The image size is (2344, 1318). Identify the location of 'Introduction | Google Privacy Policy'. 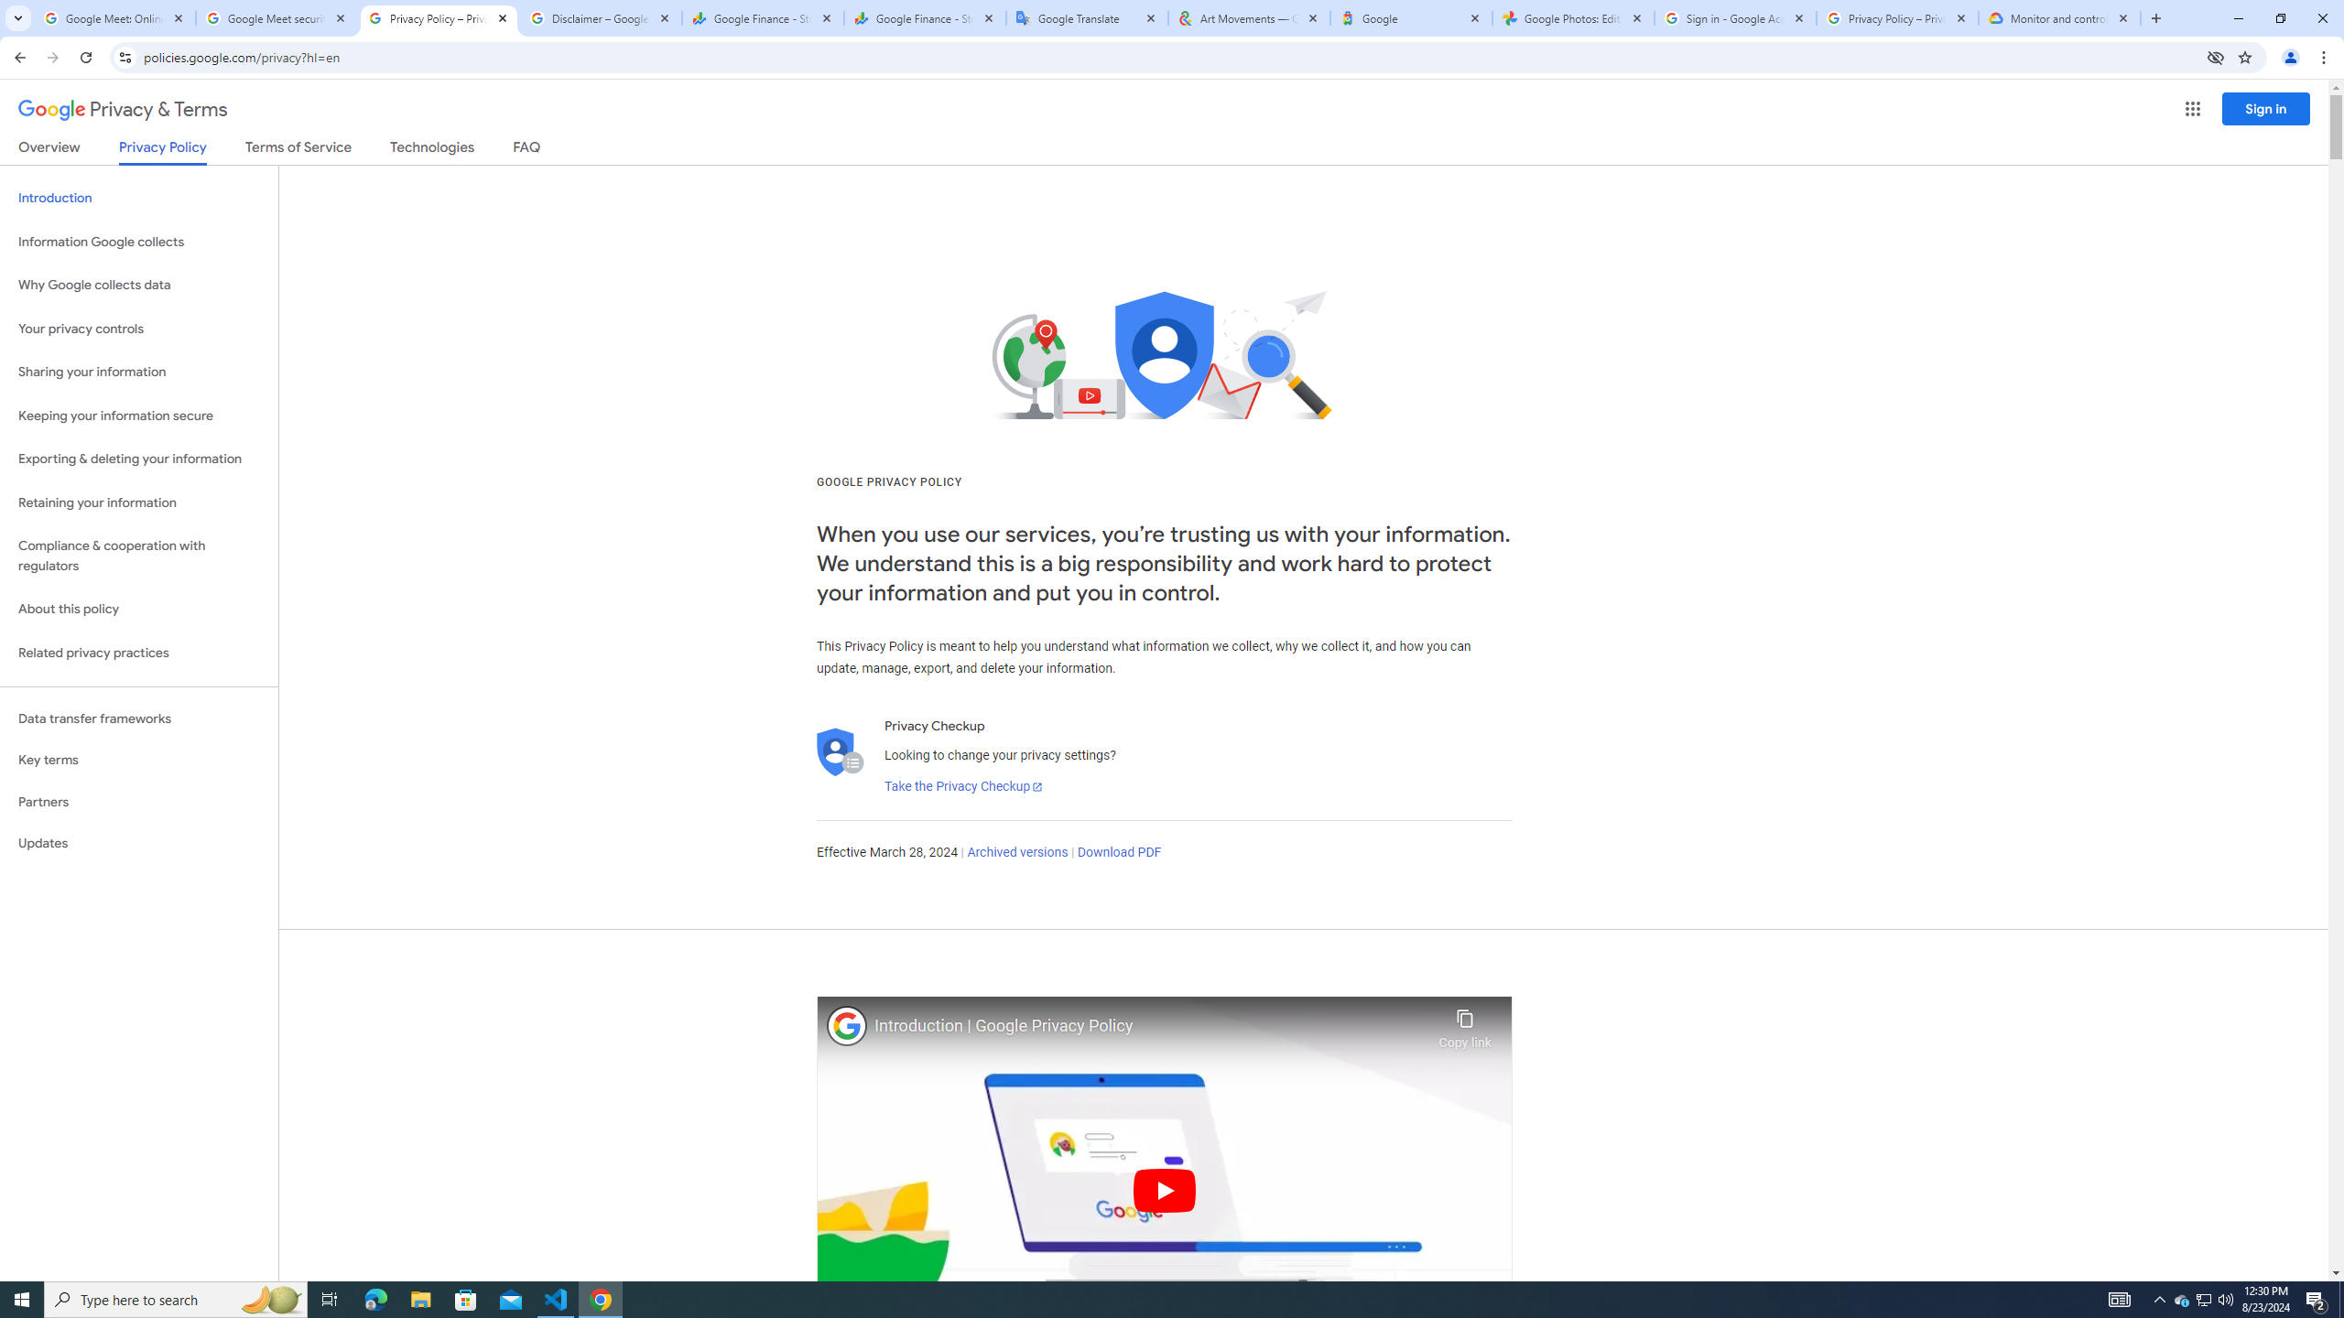
(1151, 1026).